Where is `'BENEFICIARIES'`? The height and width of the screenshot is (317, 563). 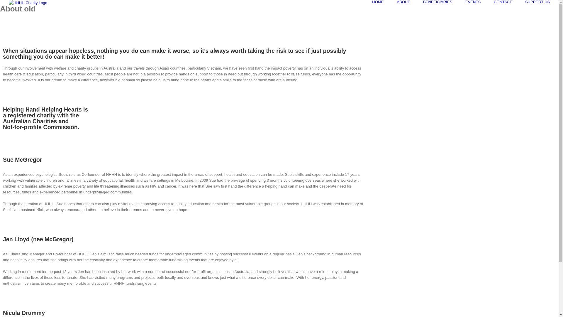
'BENEFICIARIES' is located at coordinates (437, 2).